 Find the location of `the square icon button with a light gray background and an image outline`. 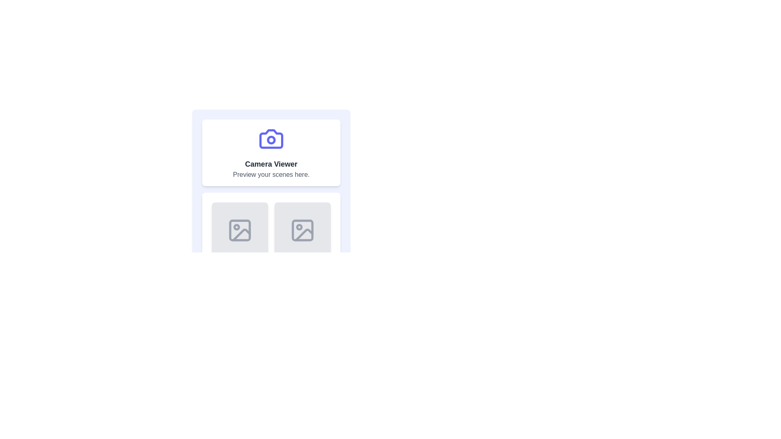

the square icon button with a light gray background and an image outline is located at coordinates (240, 230).